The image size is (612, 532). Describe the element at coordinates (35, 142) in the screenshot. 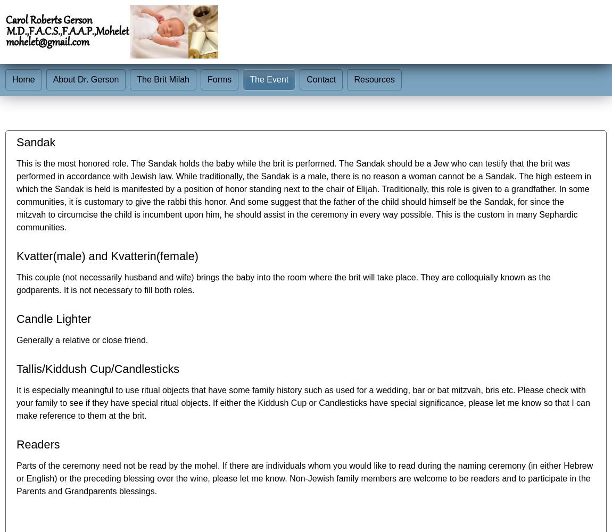

I see `'Sandak'` at that location.